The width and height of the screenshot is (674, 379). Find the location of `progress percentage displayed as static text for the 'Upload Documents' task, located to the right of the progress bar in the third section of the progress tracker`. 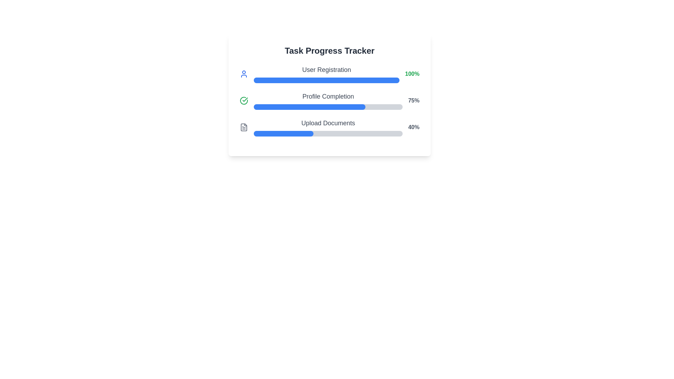

progress percentage displayed as static text for the 'Upload Documents' task, located to the right of the progress bar in the third section of the progress tracker is located at coordinates (414, 127).